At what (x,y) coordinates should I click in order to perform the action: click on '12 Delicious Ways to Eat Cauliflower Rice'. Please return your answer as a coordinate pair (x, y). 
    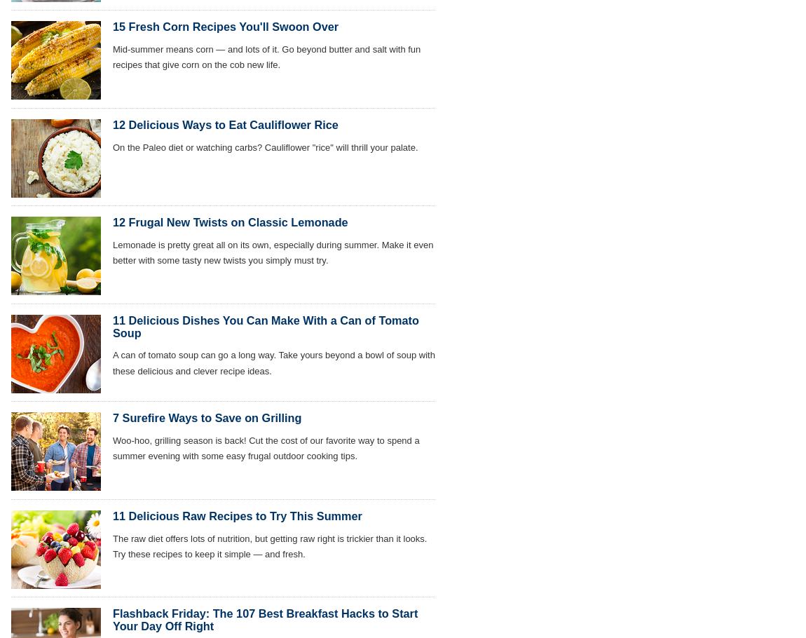
    Looking at the image, I should click on (112, 123).